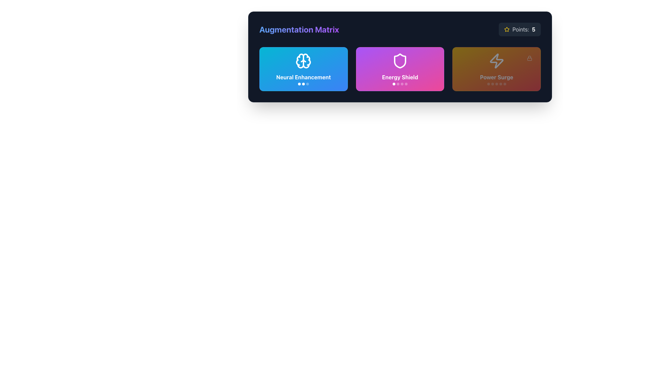 This screenshot has height=366, width=651. What do you see at coordinates (400, 83) in the screenshot?
I see `the progress indicator consisting of four circular indicators, with the first filled solid white and the others translucent, located beneath the 'Energy Shield' title` at bounding box center [400, 83].